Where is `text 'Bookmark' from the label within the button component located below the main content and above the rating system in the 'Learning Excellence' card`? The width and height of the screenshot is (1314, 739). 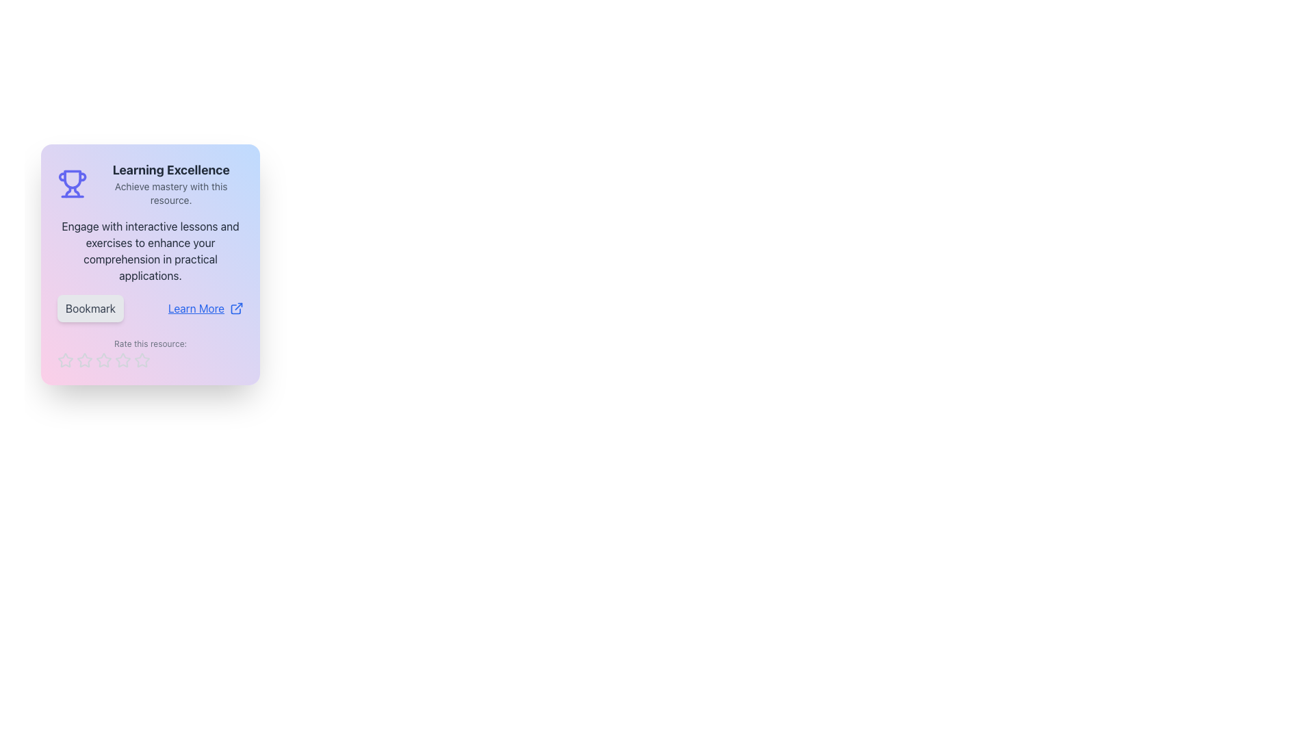
text 'Bookmark' from the label within the button component located below the main content and above the rating system in the 'Learning Excellence' card is located at coordinates (90, 309).